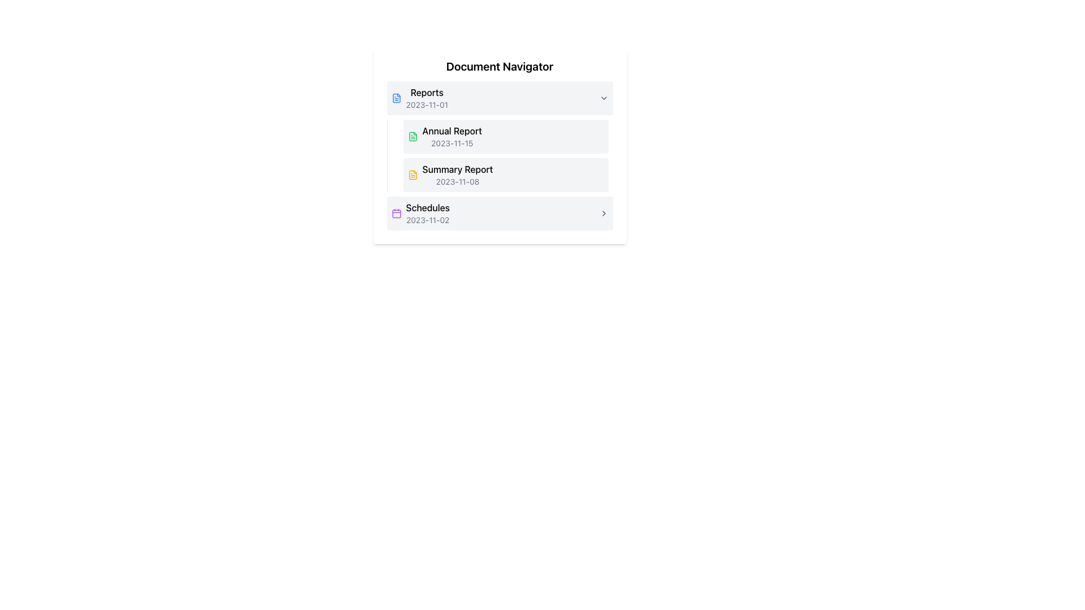  Describe the element at coordinates (426, 104) in the screenshot. I see `the informational text label displaying the last updated date for the 'Reports' section located beneath the 'Reports' label in the 'Document Navigator'` at that location.